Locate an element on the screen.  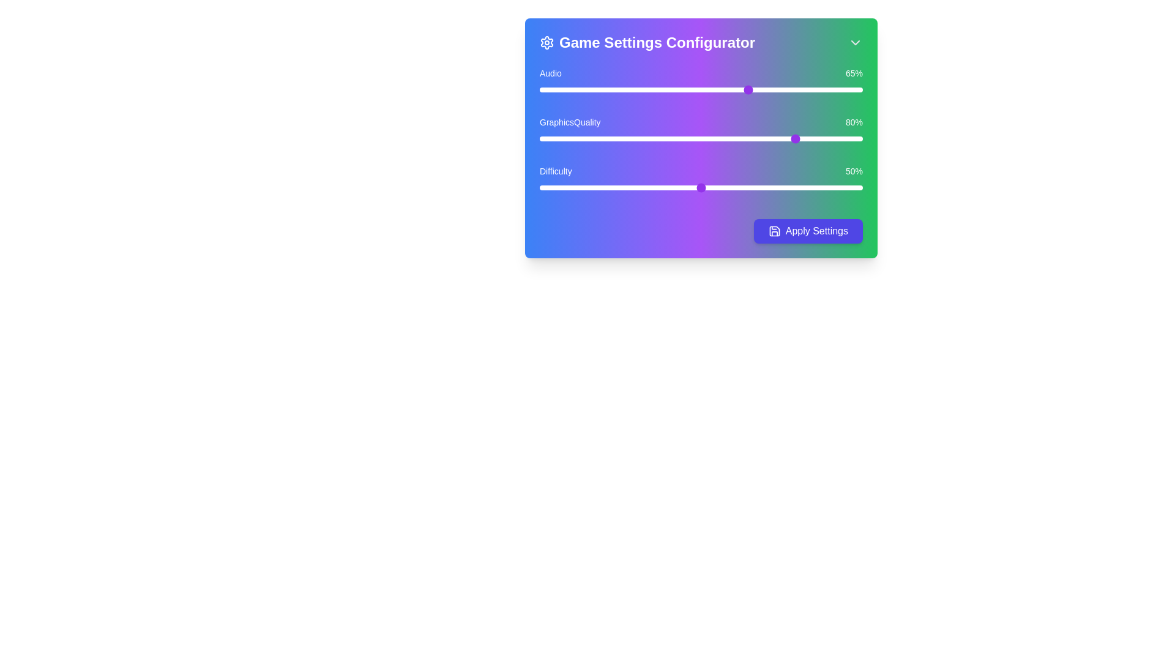
the audio slider is located at coordinates (558, 89).